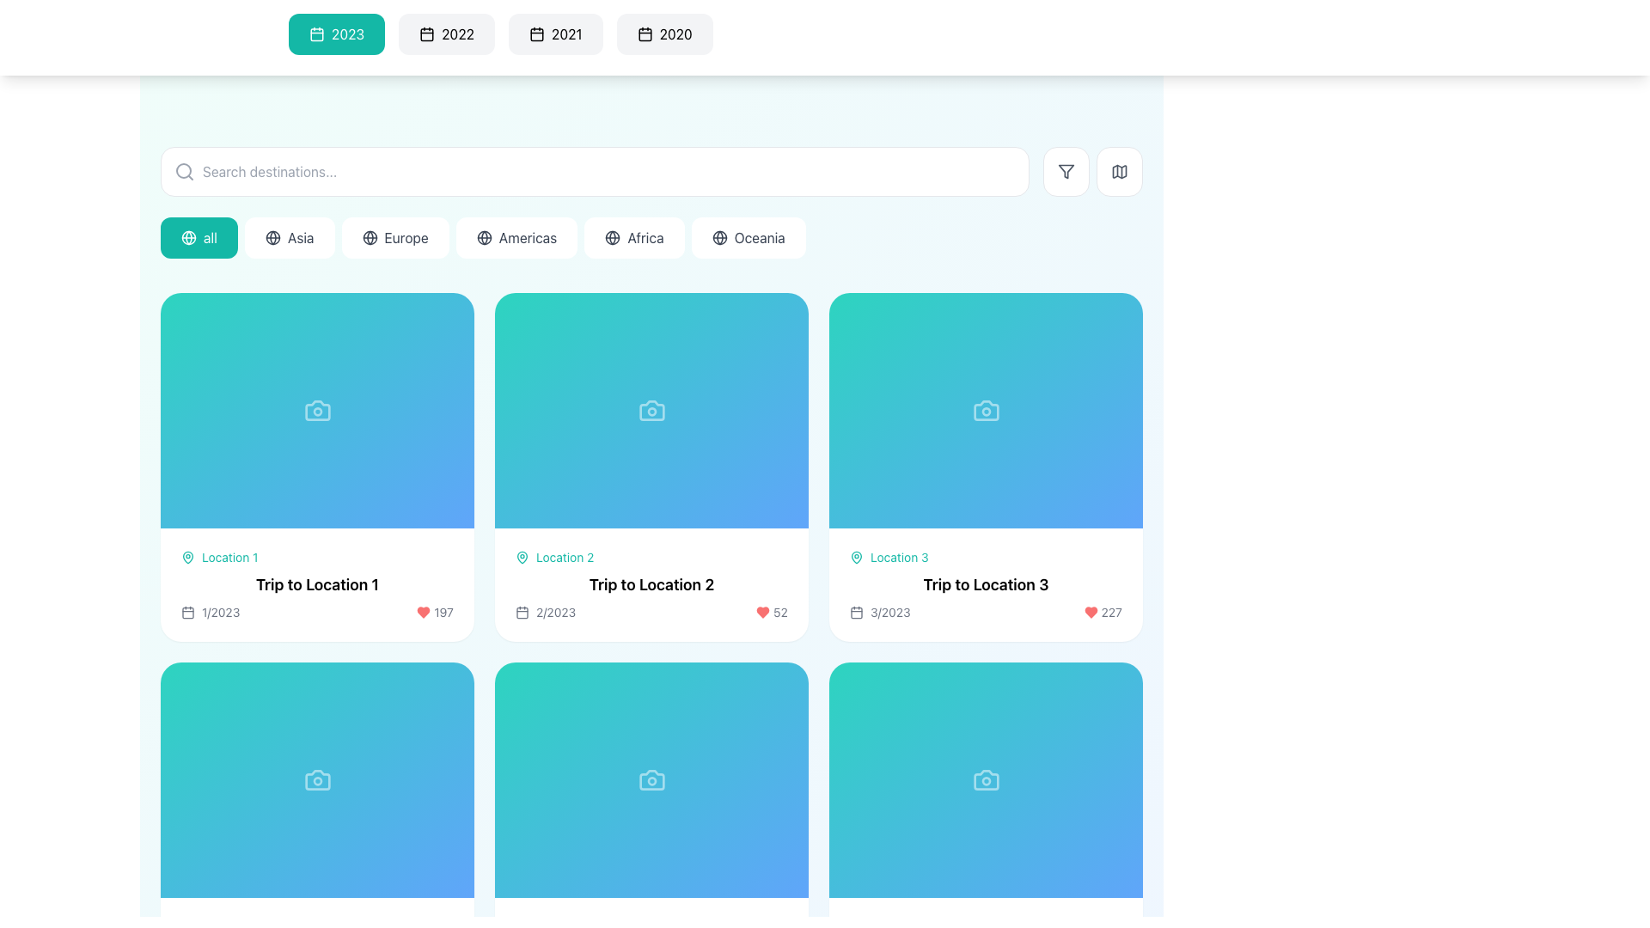 The height and width of the screenshot is (928, 1650). I want to click on the filtering icon button located in the top navigation bar, aligned to the right side, so click(1066, 172).